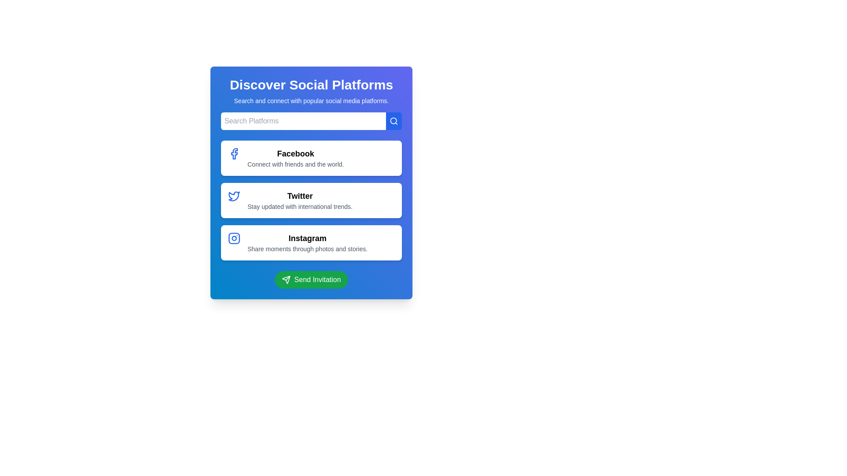 The image size is (847, 476). What do you see at coordinates (296, 157) in the screenshot?
I see `the 'Facebook' text block, which is a bold title followed by a descriptive line about connecting with friends, located in the second row of social media cards` at bounding box center [296, 157].